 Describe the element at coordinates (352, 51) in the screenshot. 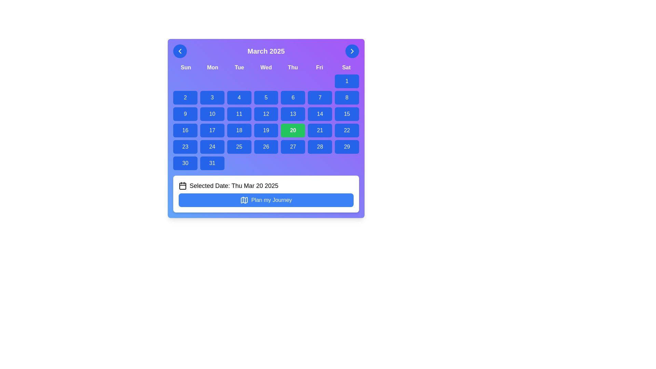

I see `the chevron icon embedded within the blue circular button at the top-right corner of the calendar interface` at that location.